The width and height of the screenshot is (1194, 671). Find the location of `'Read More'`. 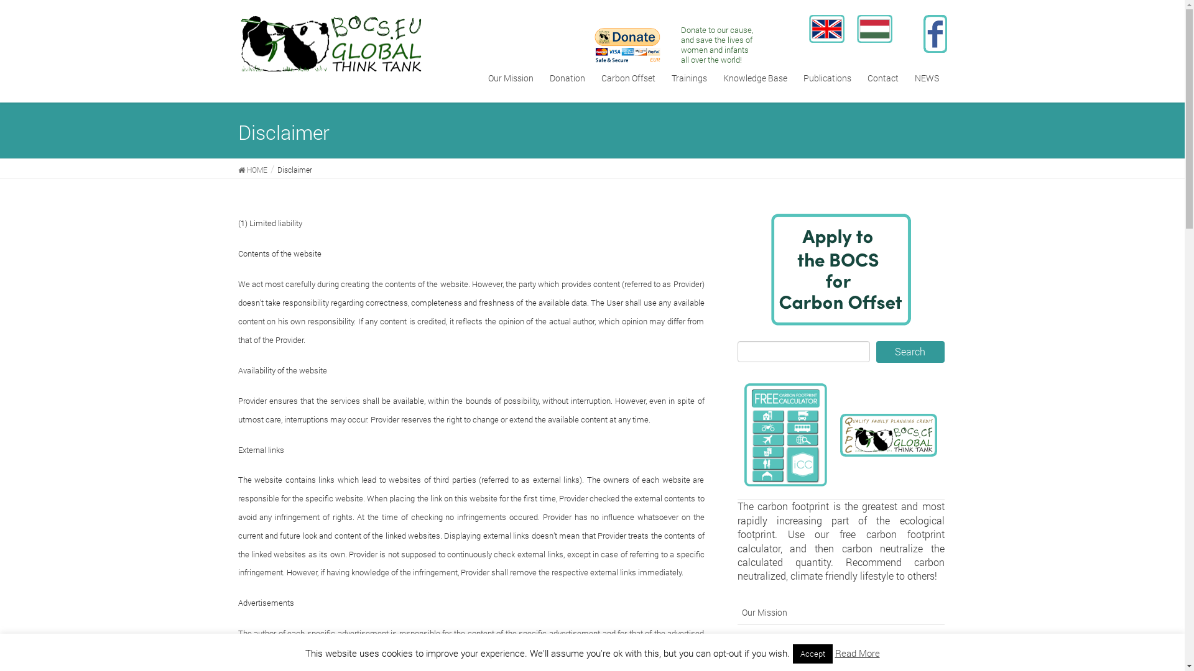

'Read More' is located at coordinates (856, 652).